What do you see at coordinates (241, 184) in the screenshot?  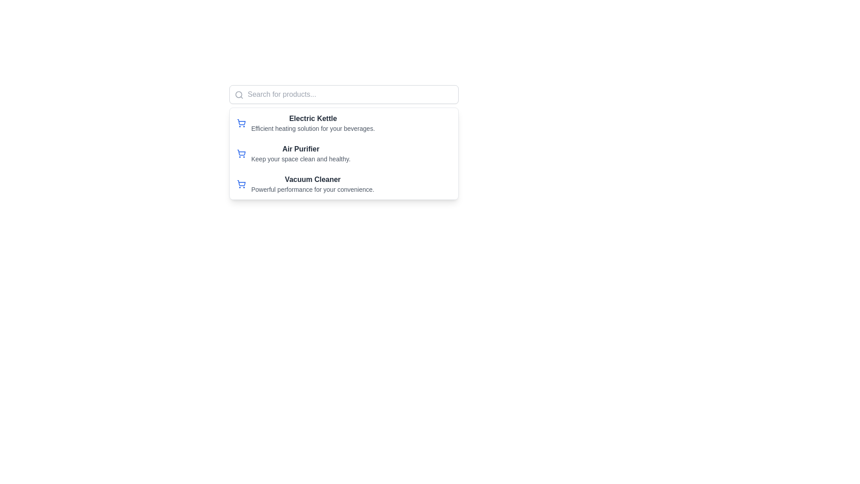 I see `the shopping cart icon, which is a minimalistic blue outlined SVG icon located to the left of the text 'Vacuum Cleaner' in the third item of the list` at bounding box center [241, 184].